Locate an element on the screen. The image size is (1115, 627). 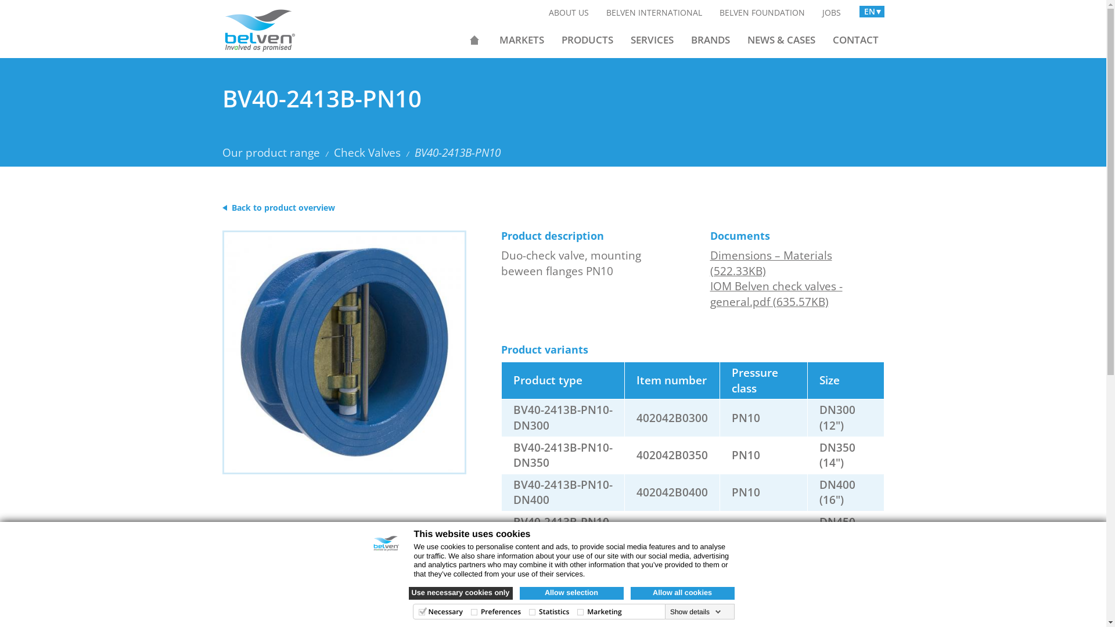
'Use necessary cookies only' is located at coordinates (460, 593).